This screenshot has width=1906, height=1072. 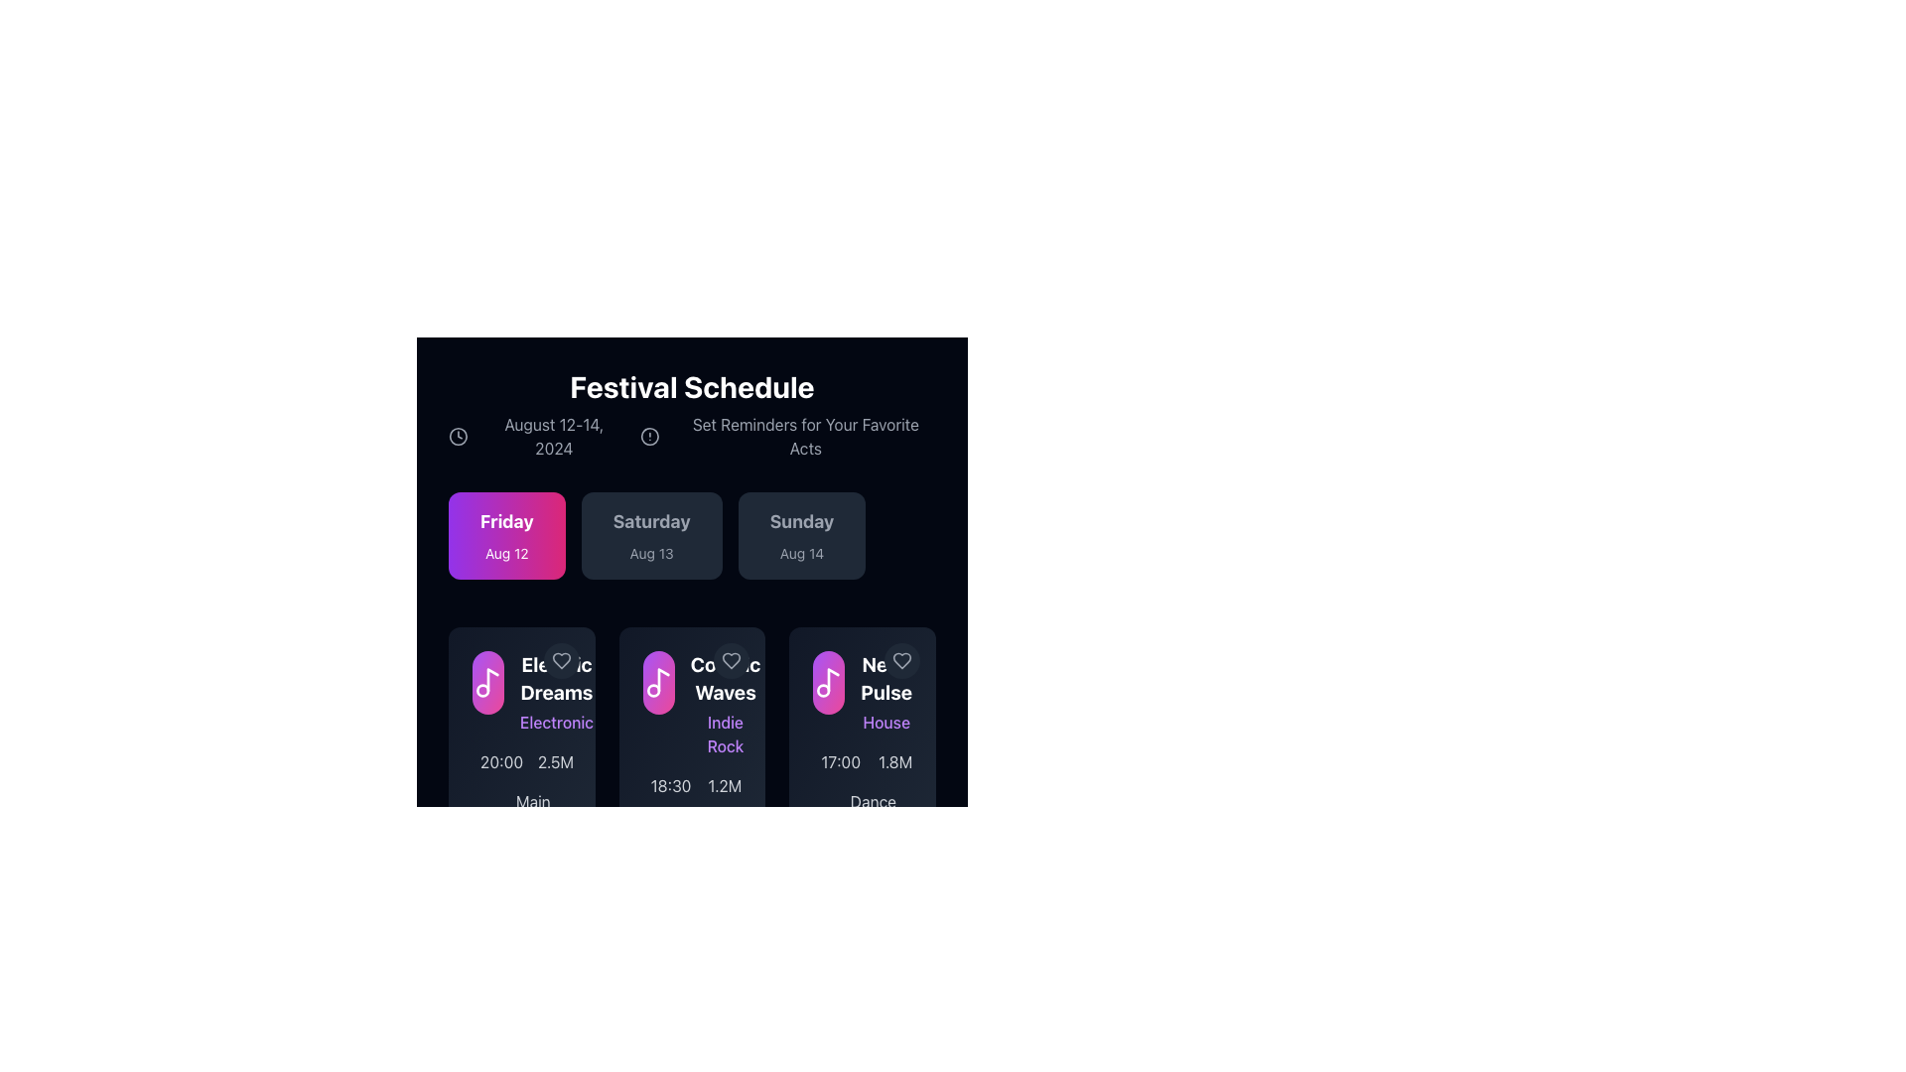 I want to click on text value displayed in the lower portion of the middle card in the event information grid, which shows the number of people associated with the event, so click(x=720, y=784).